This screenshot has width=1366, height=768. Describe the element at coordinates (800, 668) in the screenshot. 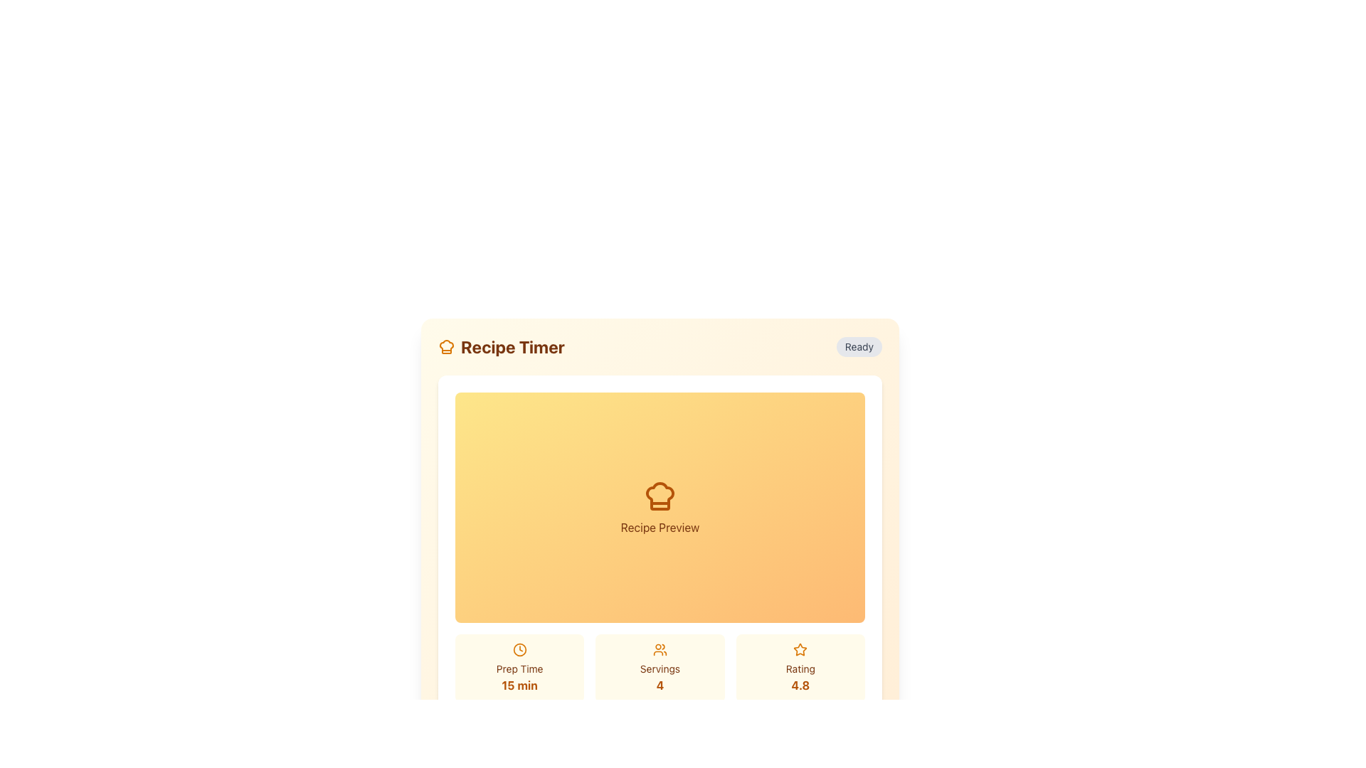

I see `the text label that describes the rating displayed beneath it, which is positioned above the '4.8' text and below an amber-colored star icon in the bottom-right corner of the card-like component` at that location.